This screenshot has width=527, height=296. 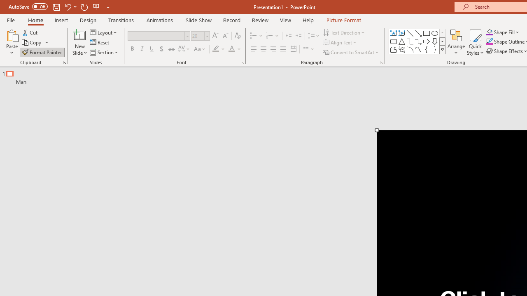 What do you see at coordinates (410, 49) in the screenshot?
I see `'Arc'` at bounding box center [410, 49].